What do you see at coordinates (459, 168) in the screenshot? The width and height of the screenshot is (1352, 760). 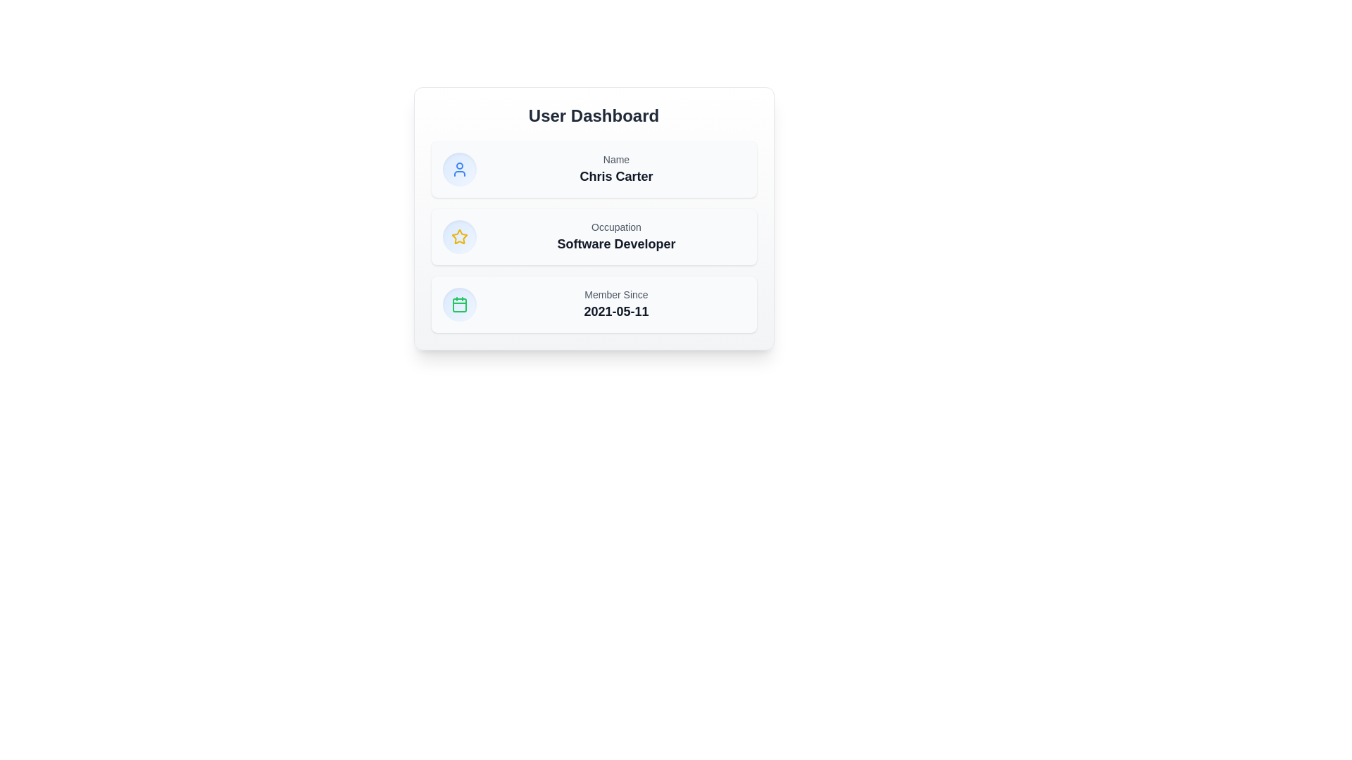 I see `the user profile icon located in the topmost row of the three sections to the left of the 'Name' label on the User Dashboard card` at bounding box center [459, 168].